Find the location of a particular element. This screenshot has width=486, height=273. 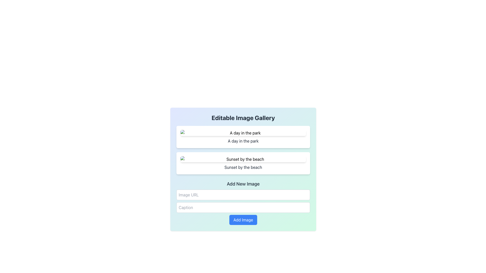

the 'Add Image' button located at the bottom of the 'Add New Image' section is located at coordinates (243, 220).